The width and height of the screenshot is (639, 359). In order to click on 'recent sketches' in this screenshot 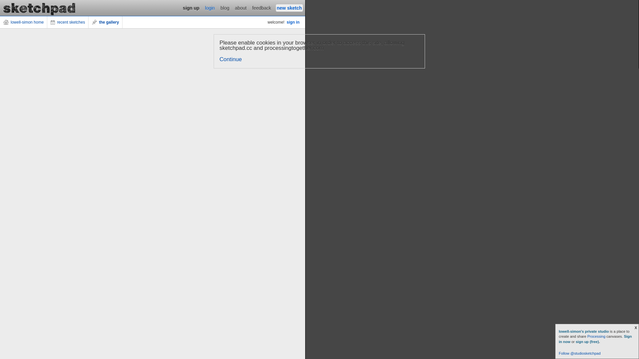, I will do `click(68, 22)`.